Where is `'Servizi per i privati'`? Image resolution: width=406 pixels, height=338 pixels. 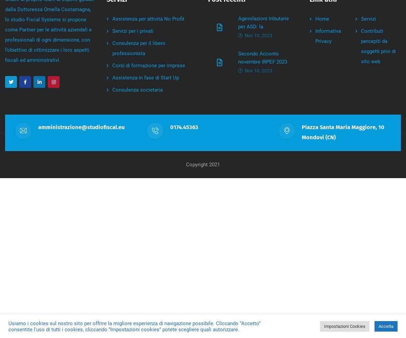 'Servizi per i privati' is located at coordinates (133, 31).